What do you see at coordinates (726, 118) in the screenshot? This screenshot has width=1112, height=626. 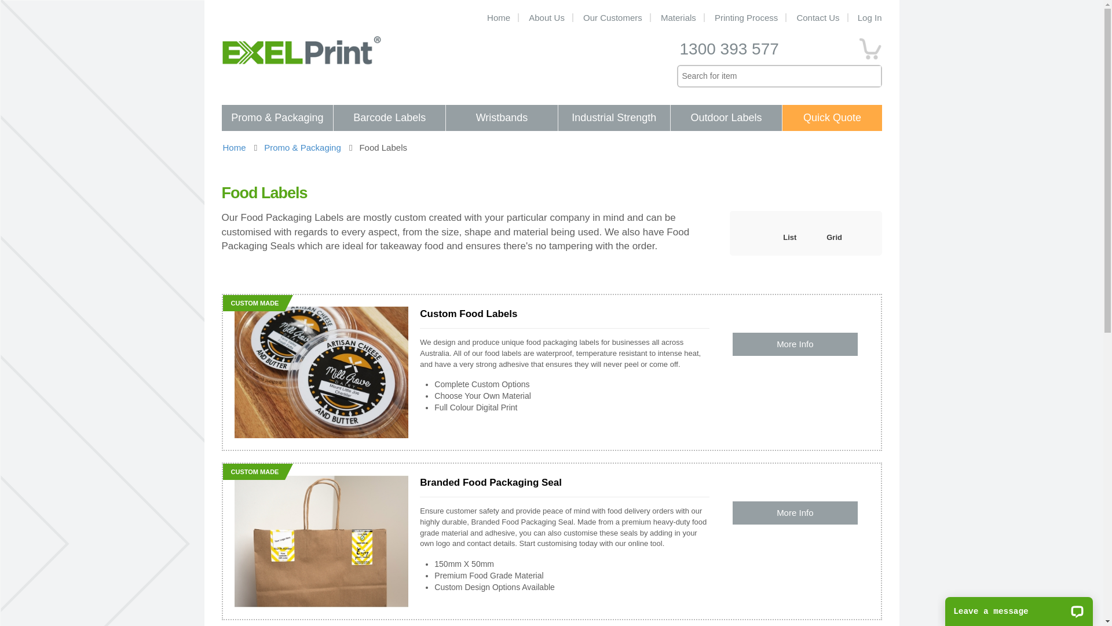 I see `'Outdoor Labels'` at bounding box center [726, 118].